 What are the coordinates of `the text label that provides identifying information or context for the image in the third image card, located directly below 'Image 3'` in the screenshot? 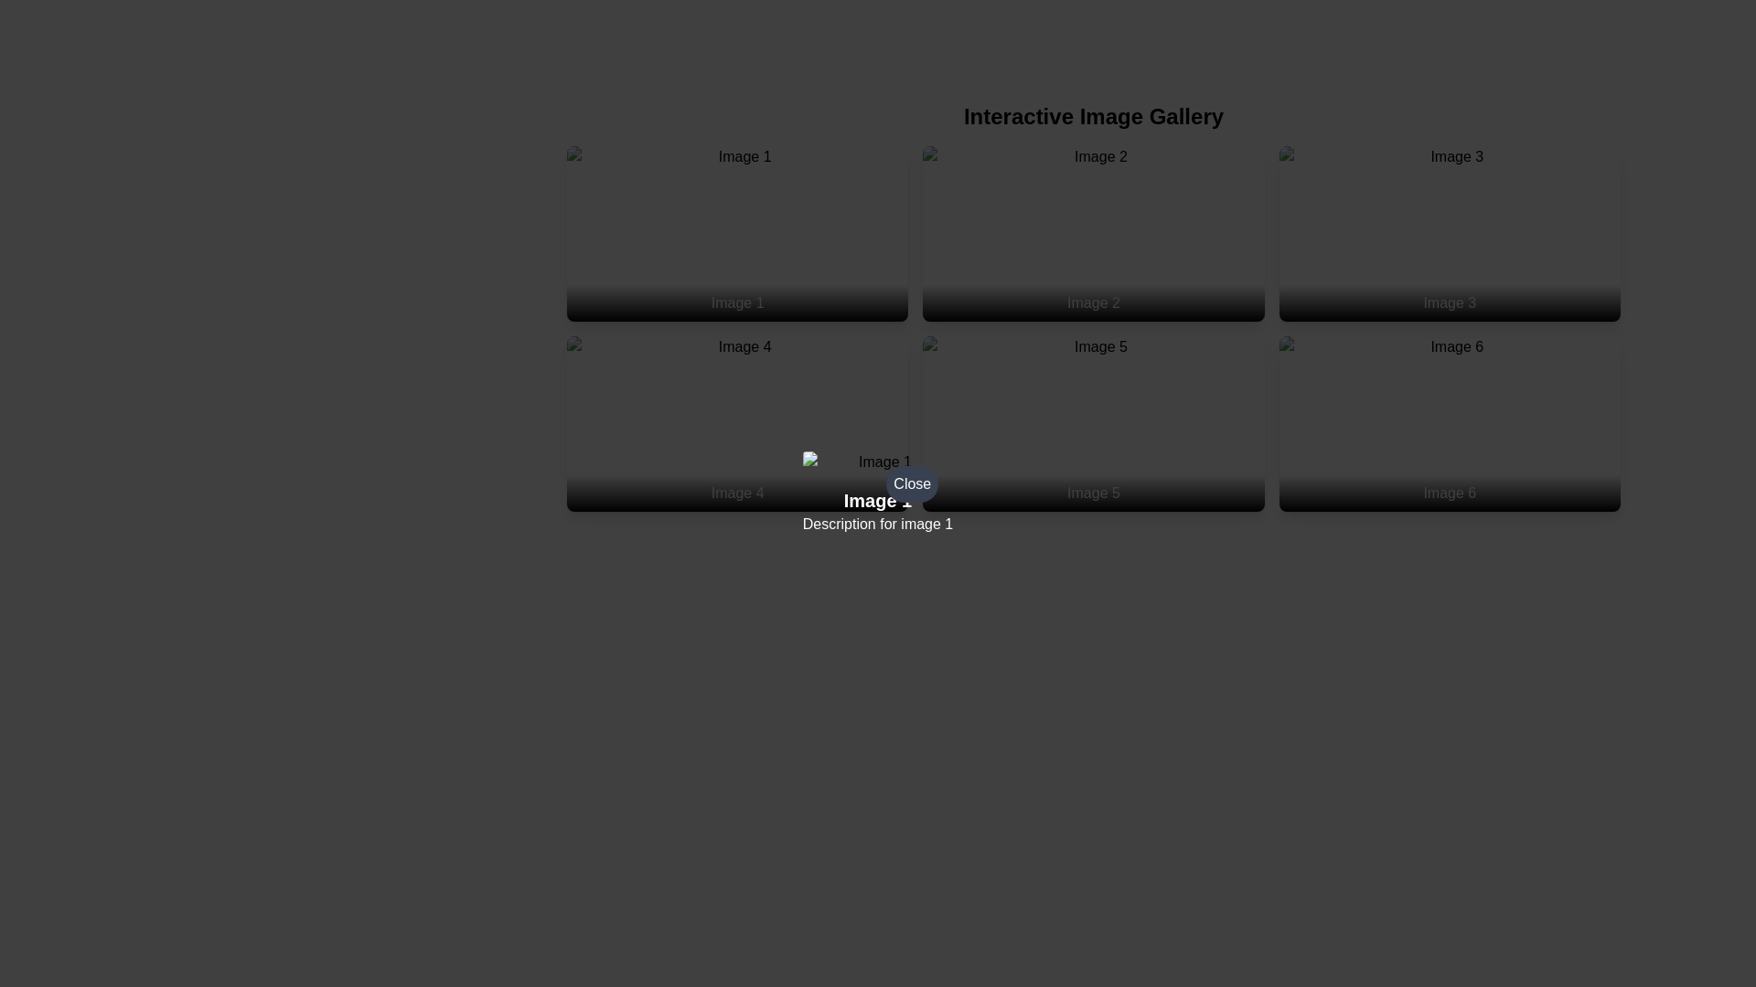 It's located at (1449, 302).